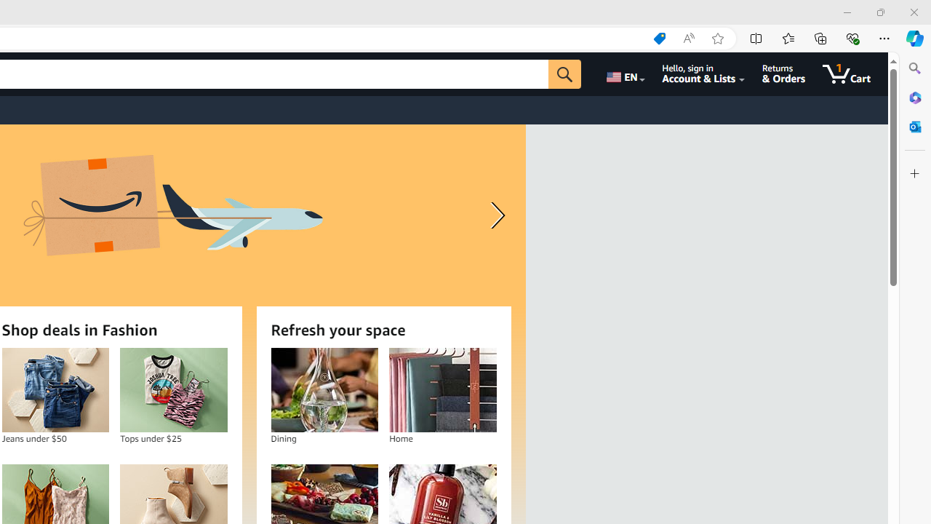 The width and height of the screenshot is (931, 524). I want to click on 'Tops under $25', so click(173, 389).